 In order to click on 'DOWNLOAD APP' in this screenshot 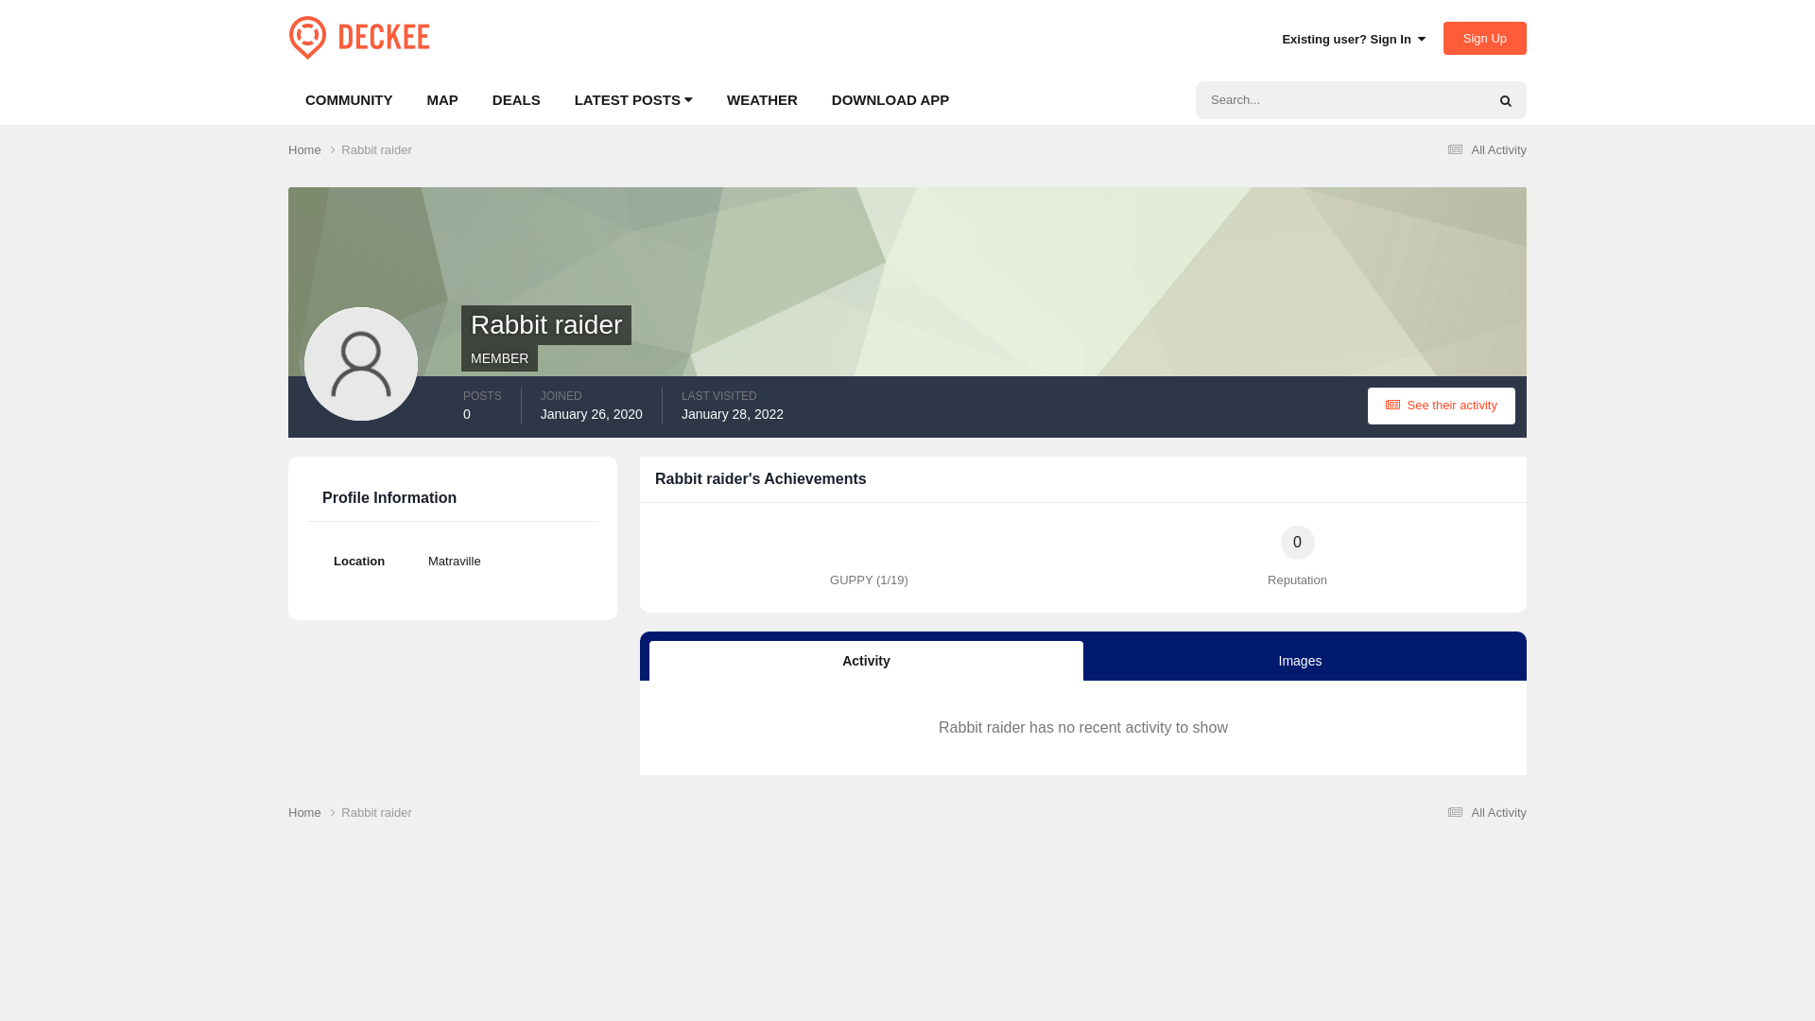, I will do `click(815, 99)`.